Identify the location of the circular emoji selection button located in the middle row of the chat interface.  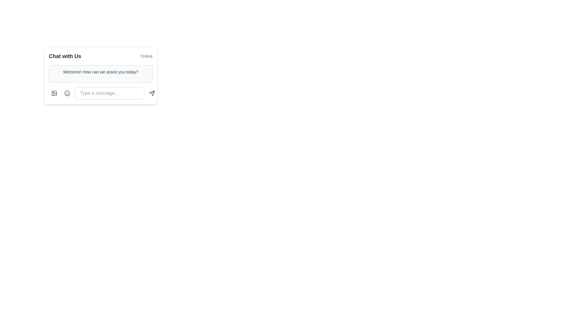
(67, 93).